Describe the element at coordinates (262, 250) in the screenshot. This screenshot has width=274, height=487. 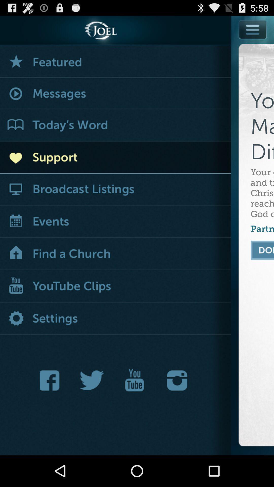
I see `finish set up` at that location.